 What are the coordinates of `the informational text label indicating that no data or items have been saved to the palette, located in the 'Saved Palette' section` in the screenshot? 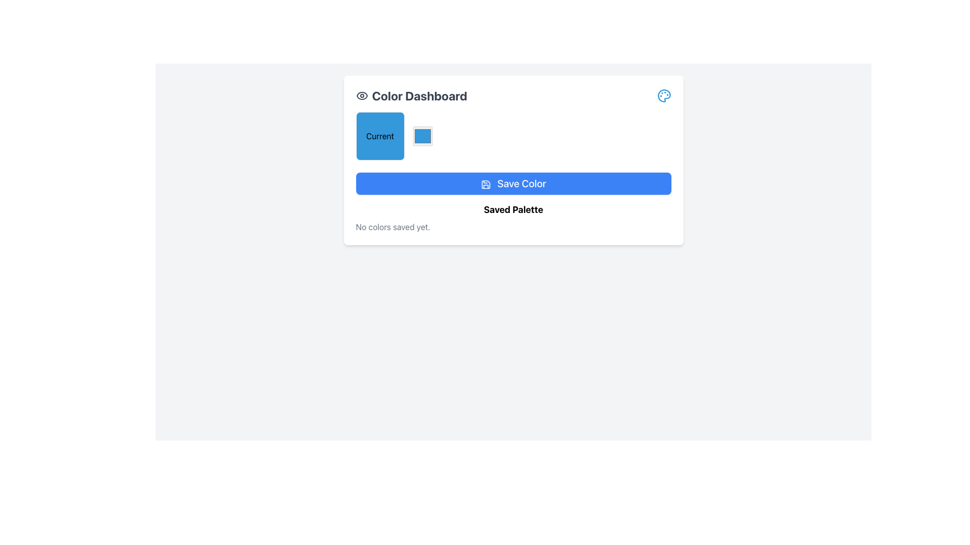 It's located at (392, 227).